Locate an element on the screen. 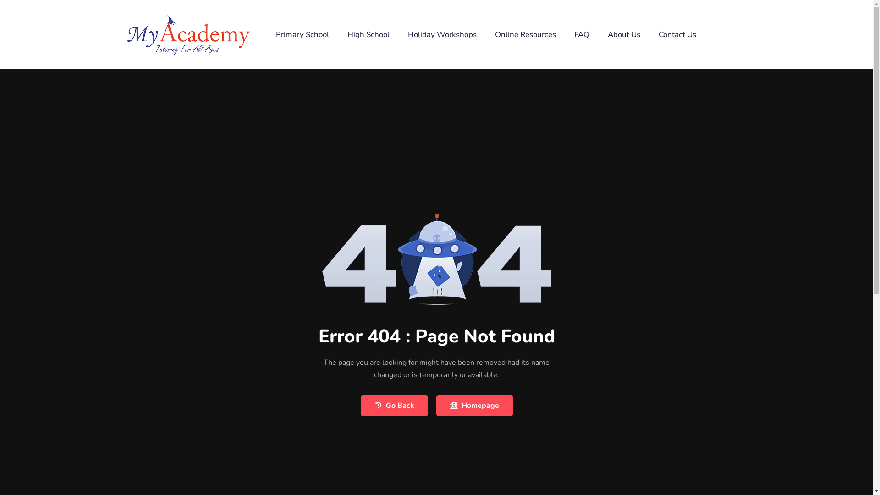 This screenshot has width=880, height=495. 'Go Back' is located at coordinates (394, 405).